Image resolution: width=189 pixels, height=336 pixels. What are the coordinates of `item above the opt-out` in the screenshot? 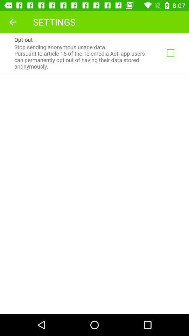 It's located at (13, 22).